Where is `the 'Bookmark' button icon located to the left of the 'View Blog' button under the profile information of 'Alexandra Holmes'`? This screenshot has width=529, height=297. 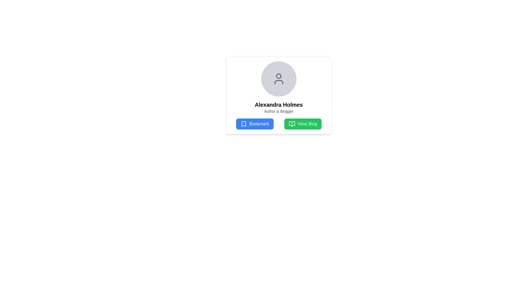 the 'Bookmark' button icon located to the left of the 'View Blog' button under the profile information of 'Alexandra Holmes' is located at coordinates (243, 124).